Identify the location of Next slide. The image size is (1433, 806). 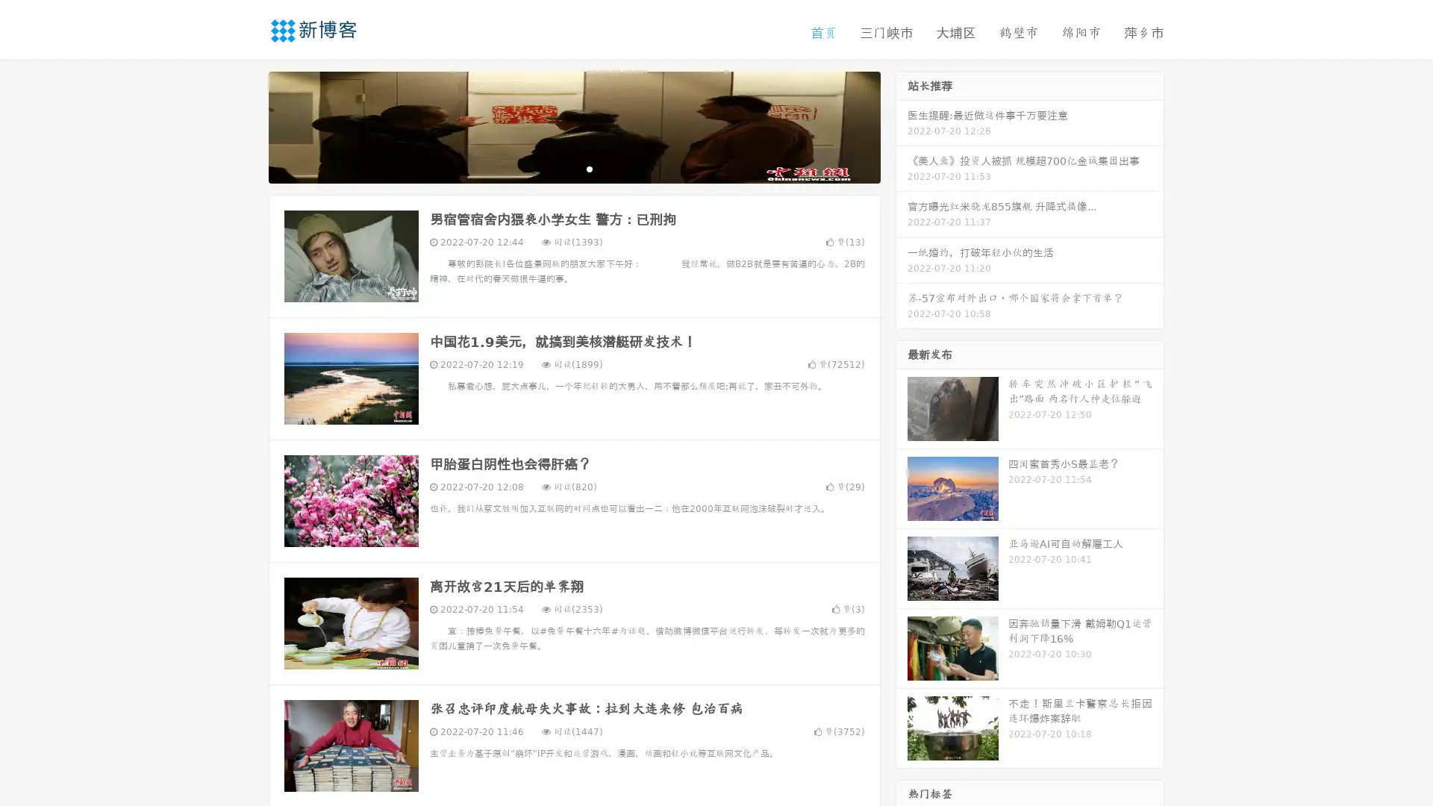
(902, 125).